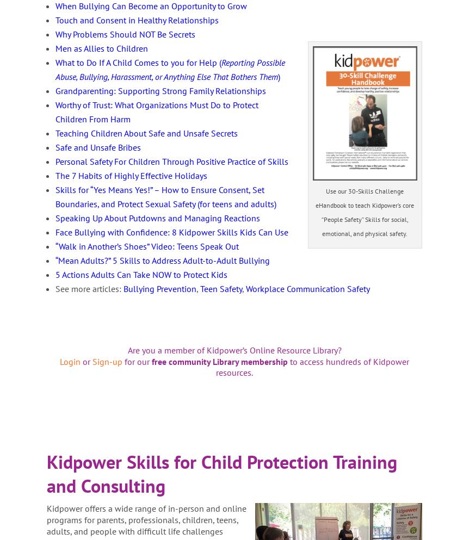 The height and width of the screenshot is (540, 469). Describe the element at coordinates (221, 473) in the screenshot. I see `'Kidpower Skills for Child Protection Training and Consulting'` at that location.